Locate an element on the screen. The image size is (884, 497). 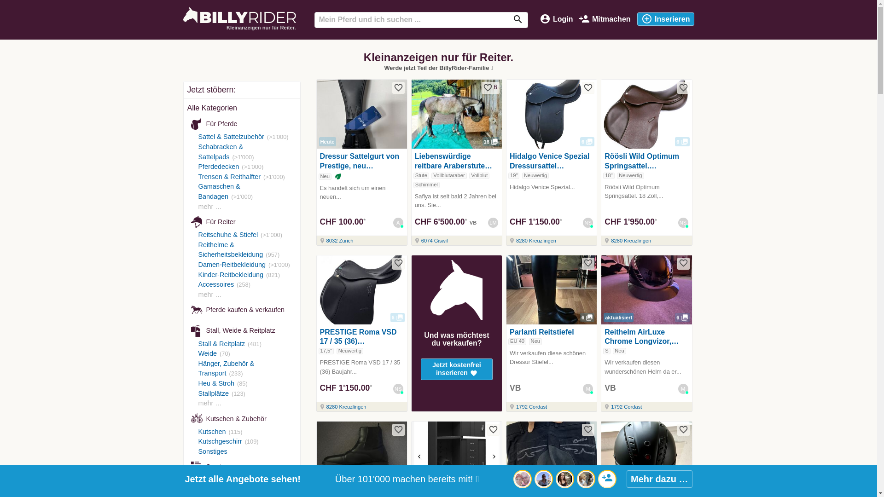
'Pferdedecken' is located at coordinates (198, 167).